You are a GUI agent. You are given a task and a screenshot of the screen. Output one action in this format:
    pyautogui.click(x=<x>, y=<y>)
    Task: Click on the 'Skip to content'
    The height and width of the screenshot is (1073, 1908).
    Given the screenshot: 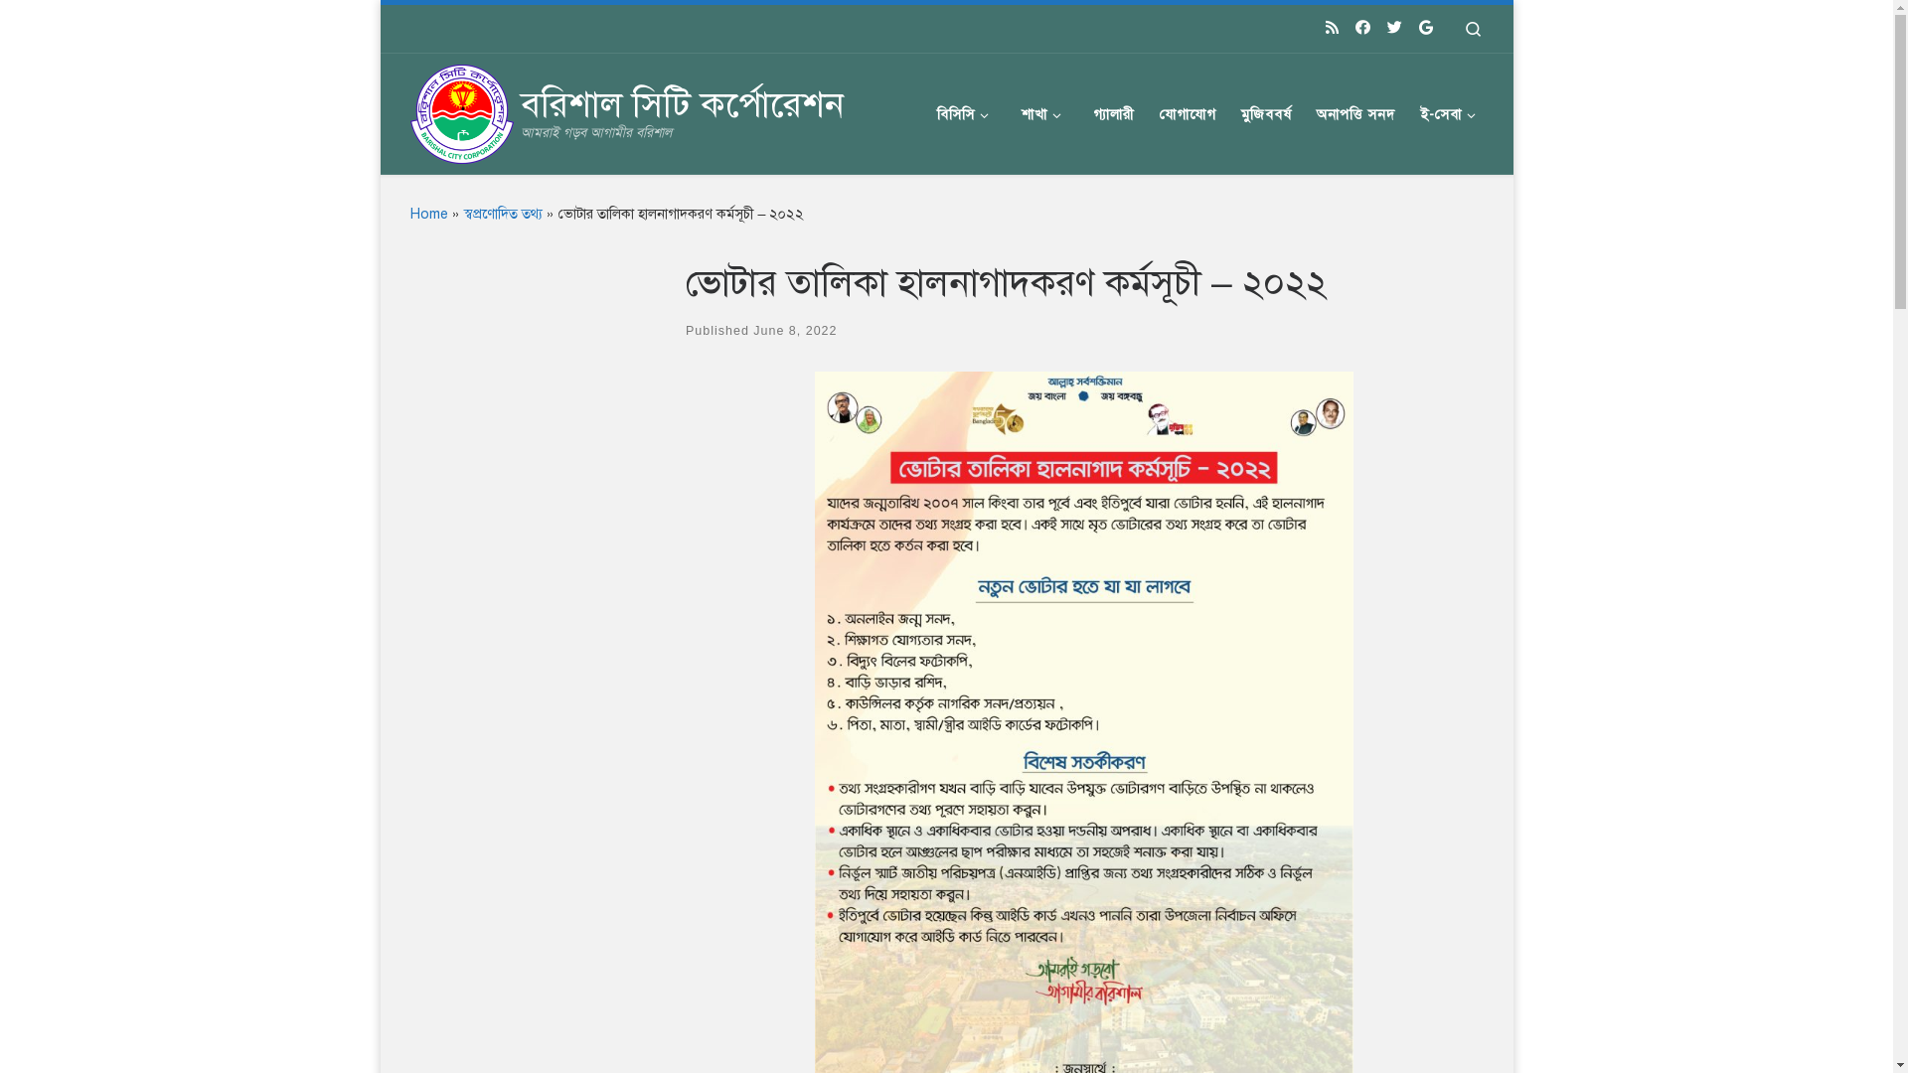 What is the action you would take?
    pyautogui.click(x=79, y=27)
    